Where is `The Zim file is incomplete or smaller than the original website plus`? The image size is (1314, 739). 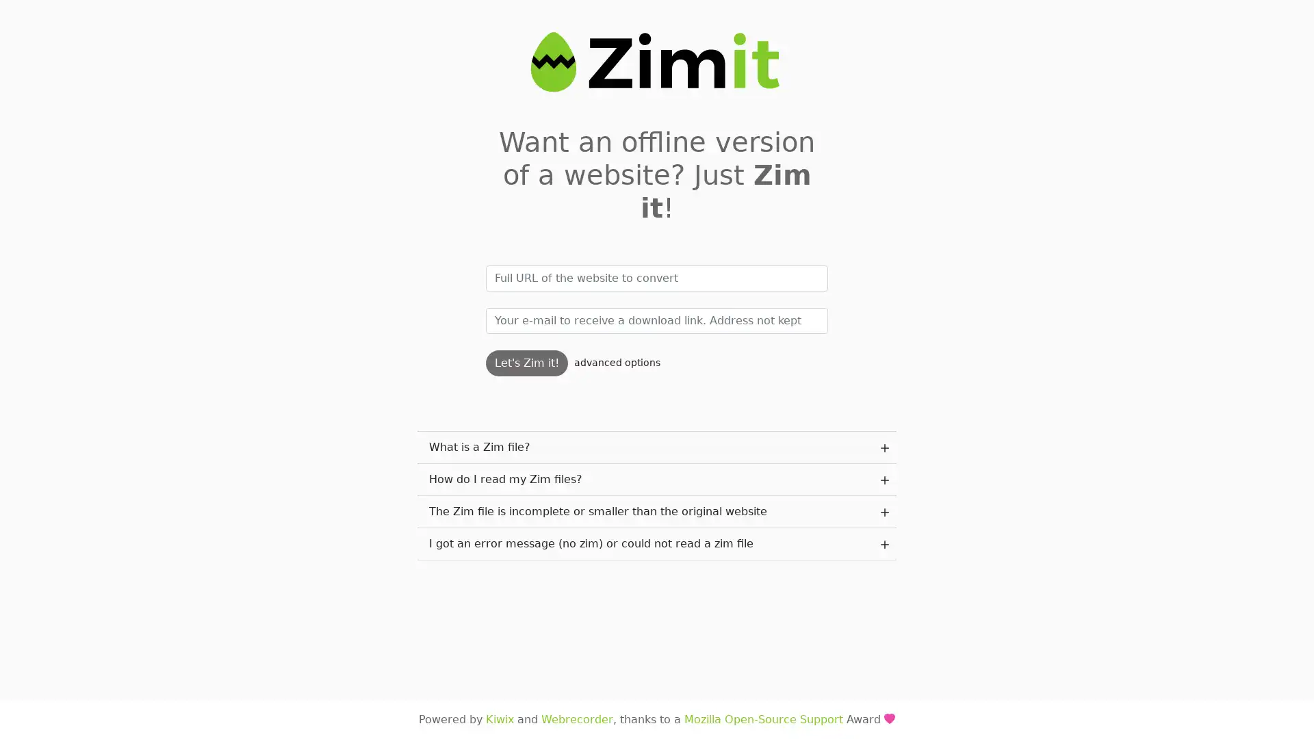
The Zim file is incomplete or smaller than the original website plus is located at coordinates (657, 511).